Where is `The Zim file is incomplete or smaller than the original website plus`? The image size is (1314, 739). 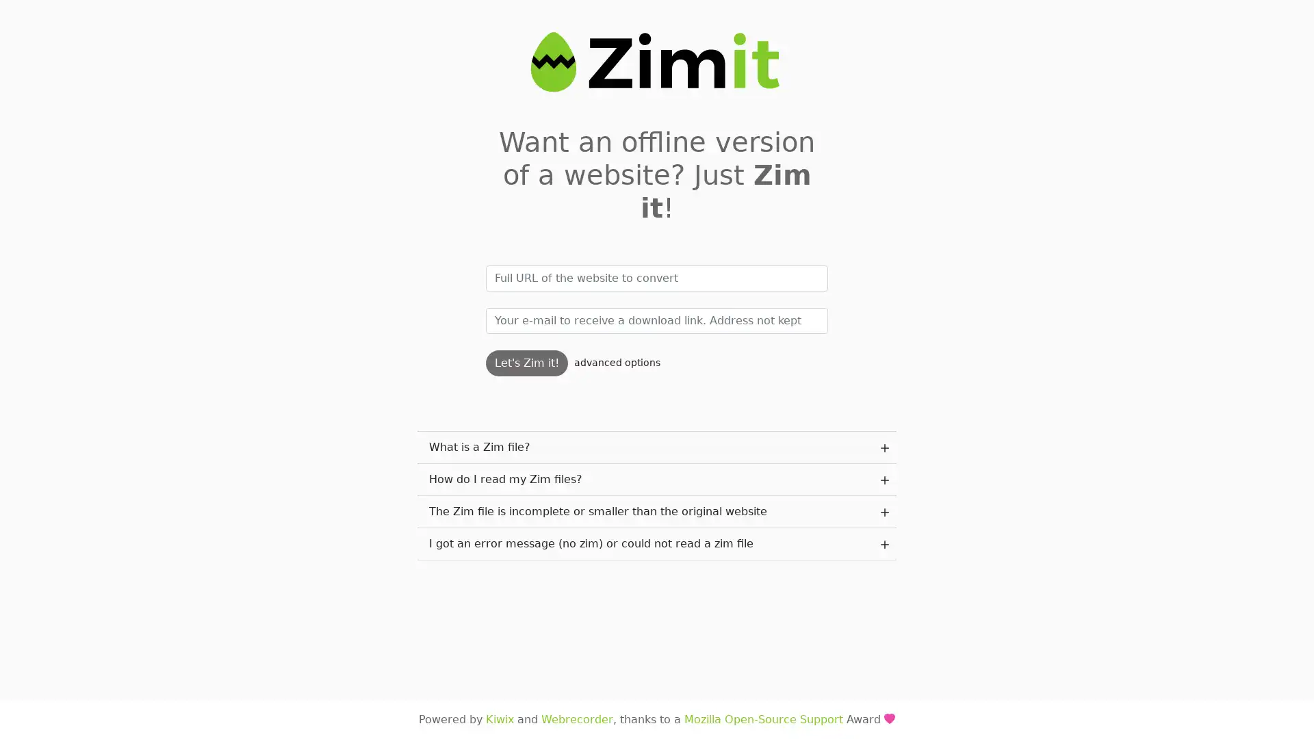
The Zim file is incomplete or smaller than the original website plus is located at coordinates (657, 511).